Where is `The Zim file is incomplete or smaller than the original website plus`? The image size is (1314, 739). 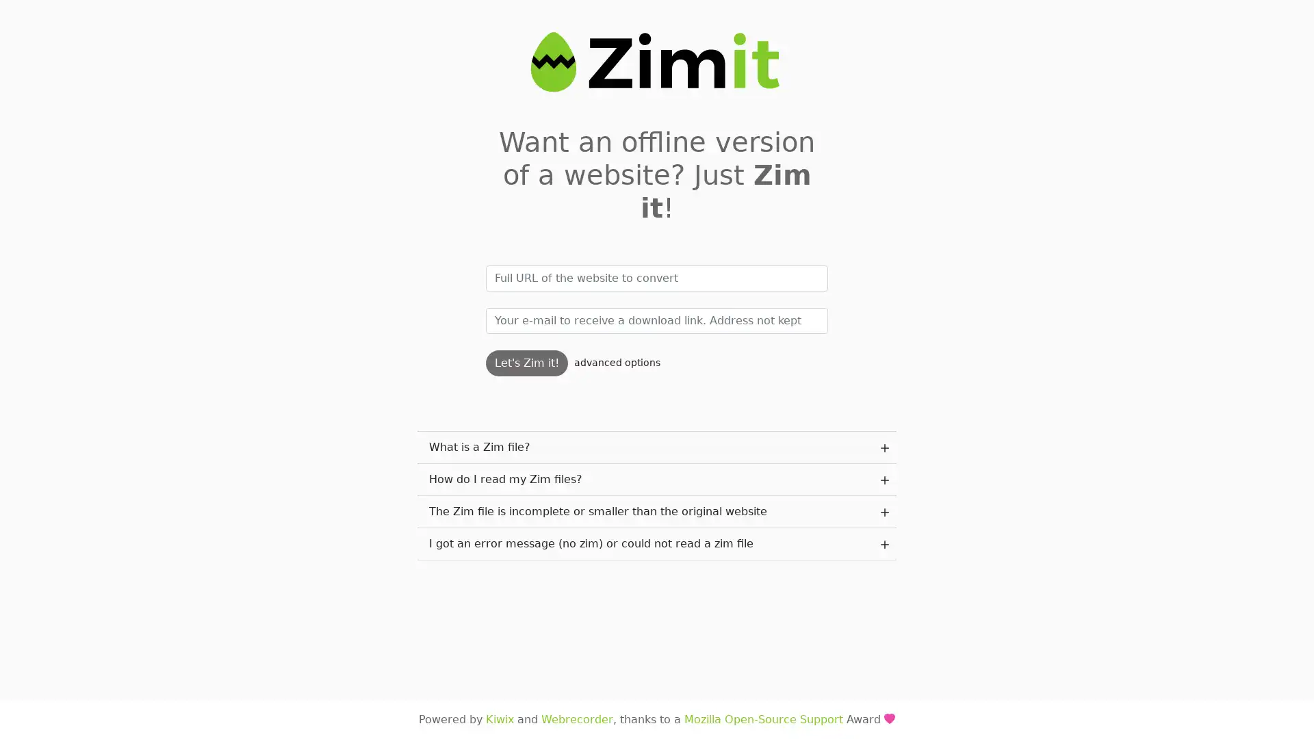
The Zim file is incomplete or smaller than the original website plus is located at coordinates (657, 511).